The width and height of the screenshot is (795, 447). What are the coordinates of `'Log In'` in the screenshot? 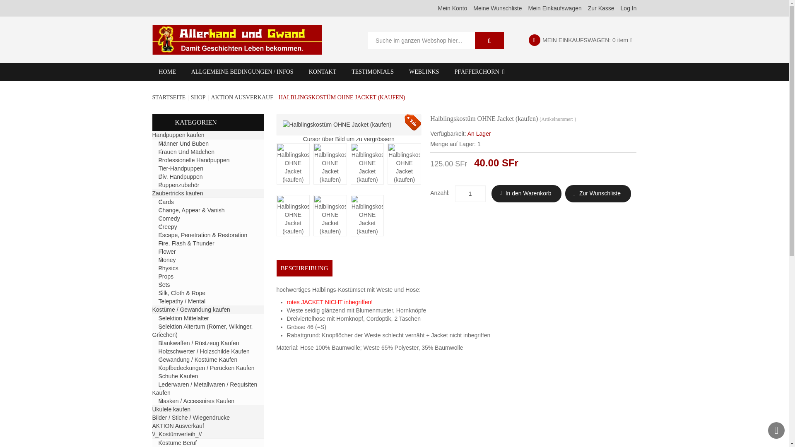 It's located at (629, 8).